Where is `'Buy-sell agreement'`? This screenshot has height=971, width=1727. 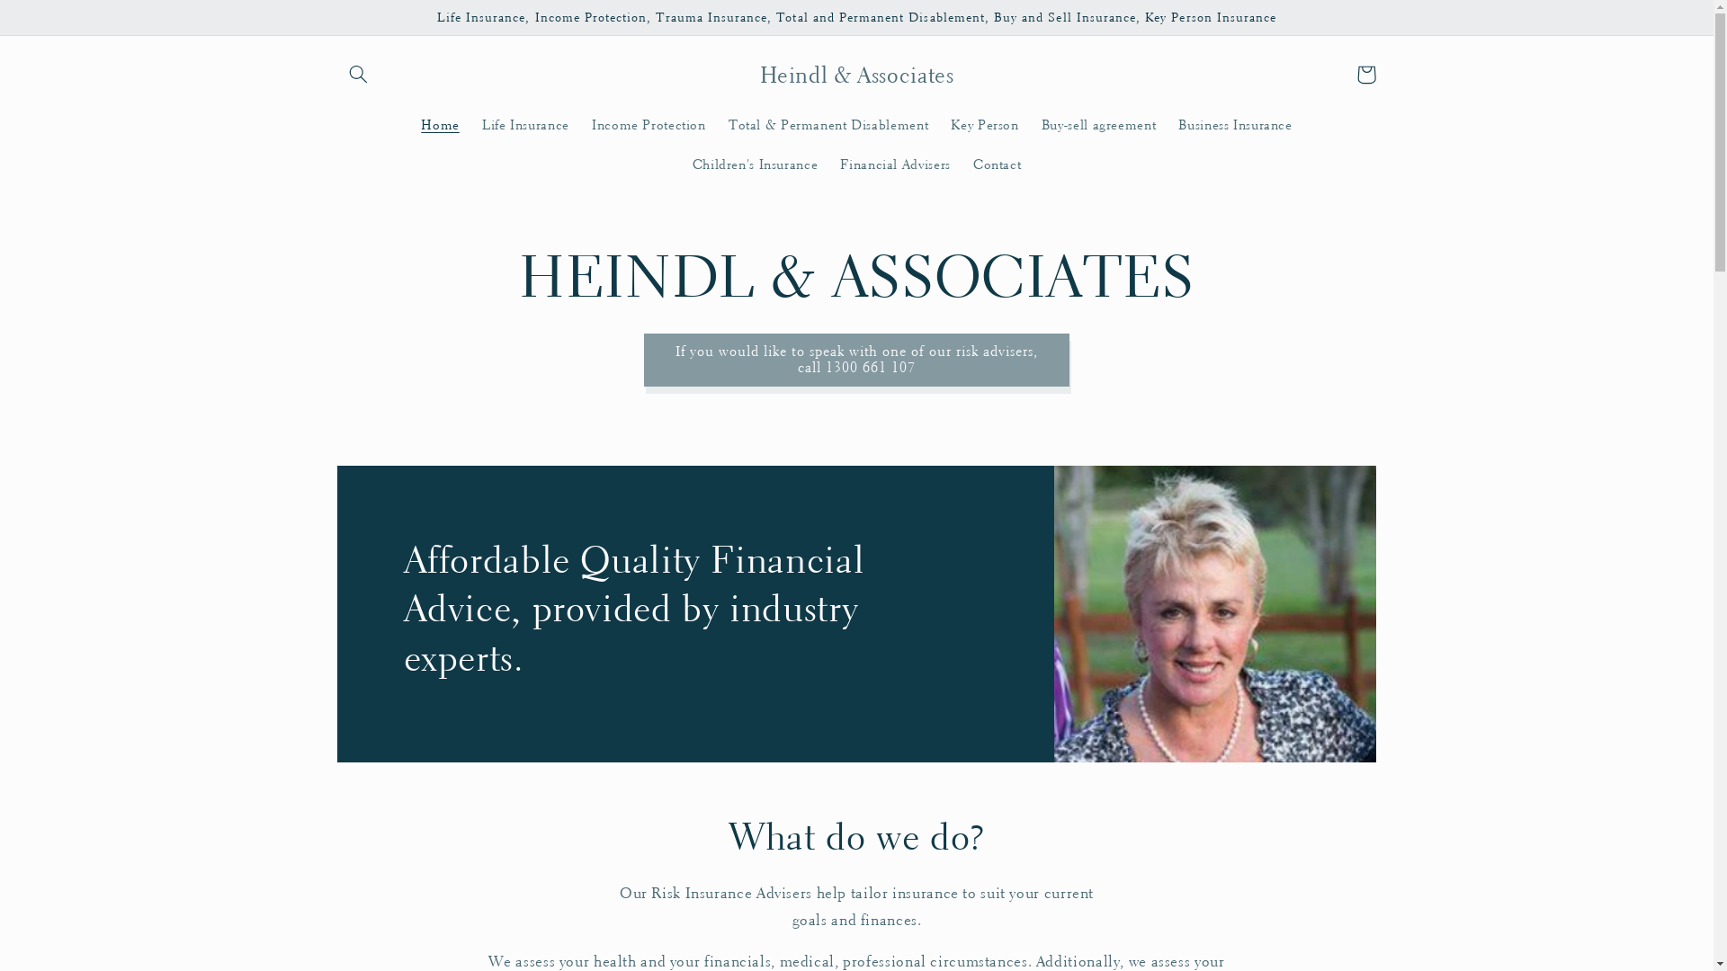 'Buy-sell agreement' is located at coordinates (1097, 123).